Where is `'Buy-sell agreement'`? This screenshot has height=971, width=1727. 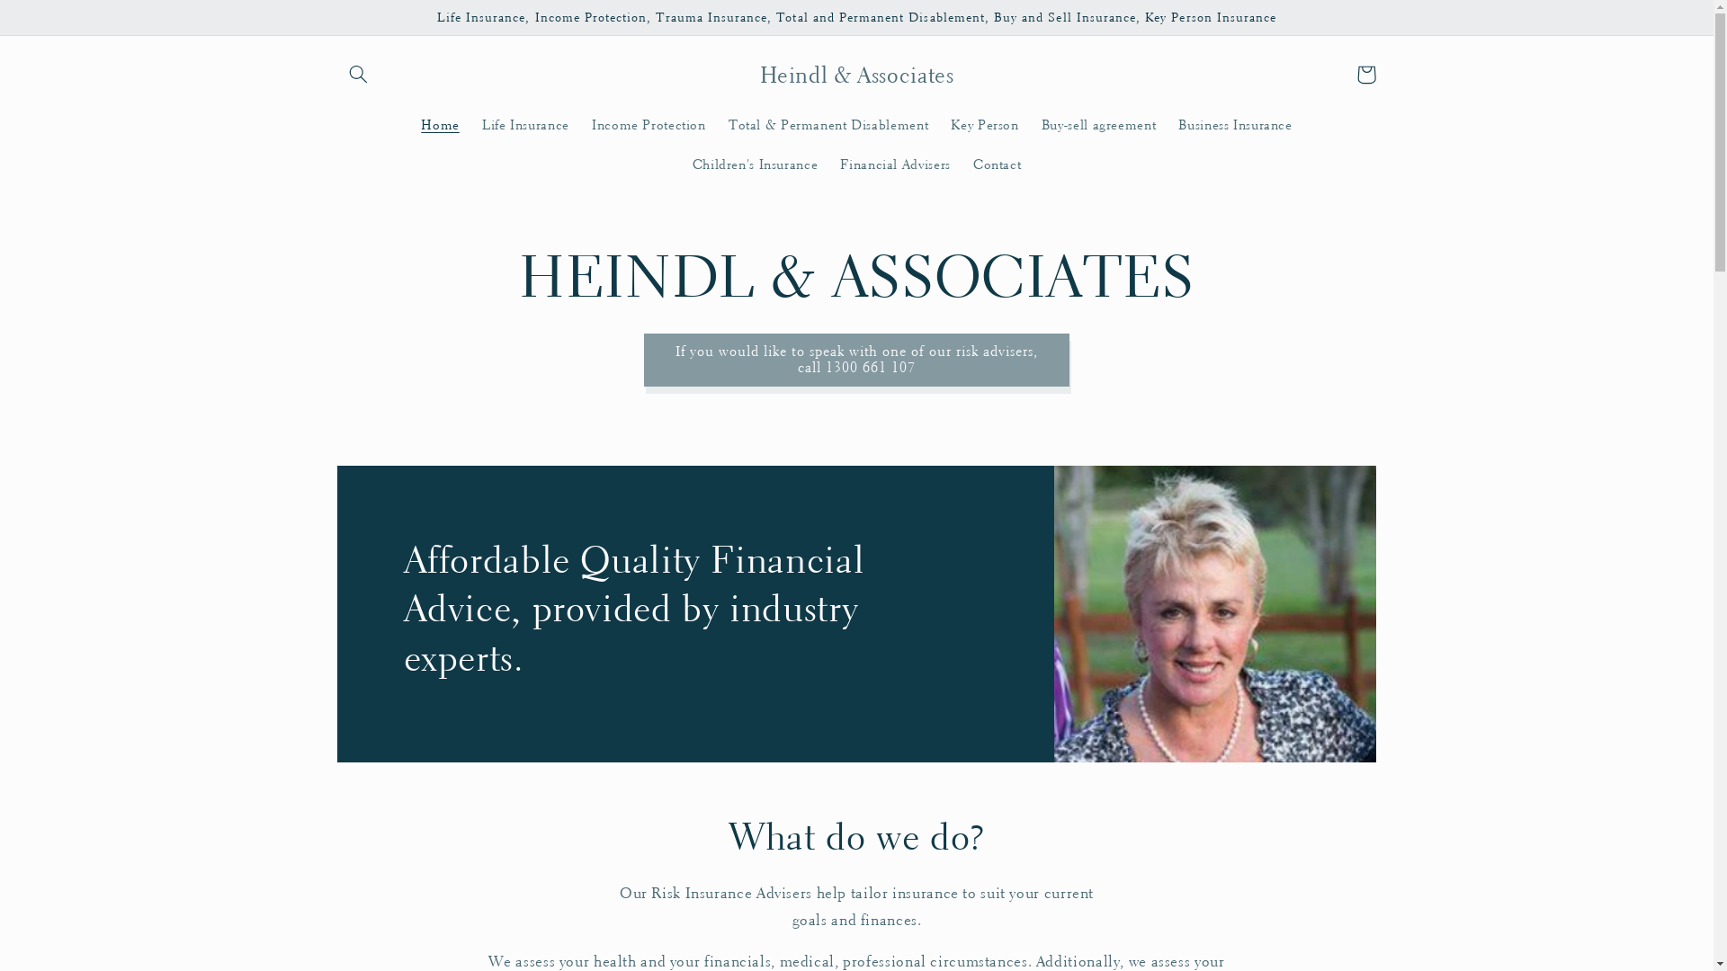 'Buy-sell agreement' is located at coordinates (1097, 123).